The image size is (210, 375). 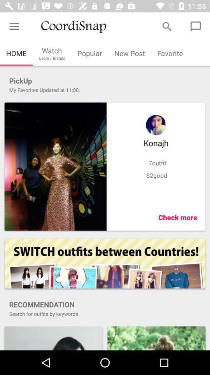 I want to click on tu nueva amiga, so click(x=53, y=337).